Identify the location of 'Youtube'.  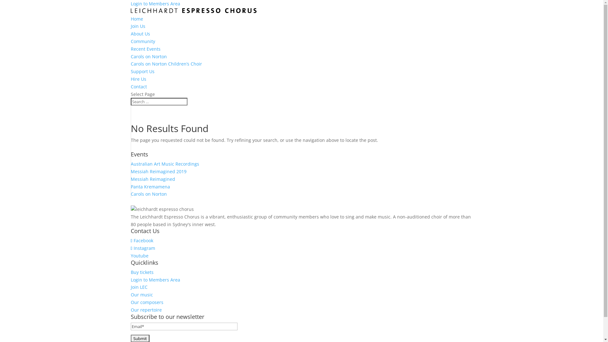
(139, 255).